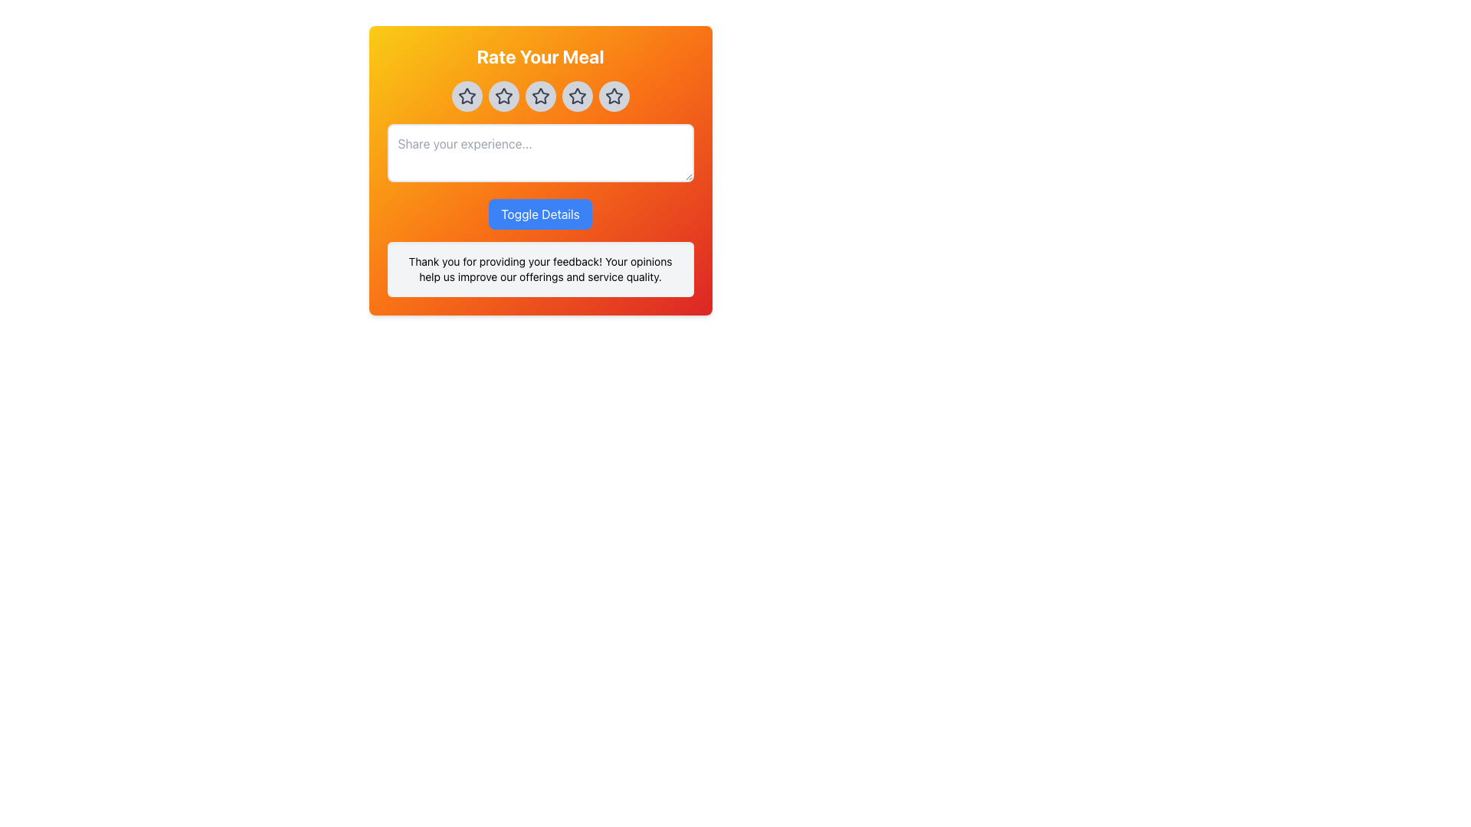 This screenshot has width=1471, height=827. Describe the element at coordinates (540, 96) in the screenshot. I see `the circular button with a star icon, which is the third button in the horizontal arrangement under 'Rate Your Meal'` at that location.